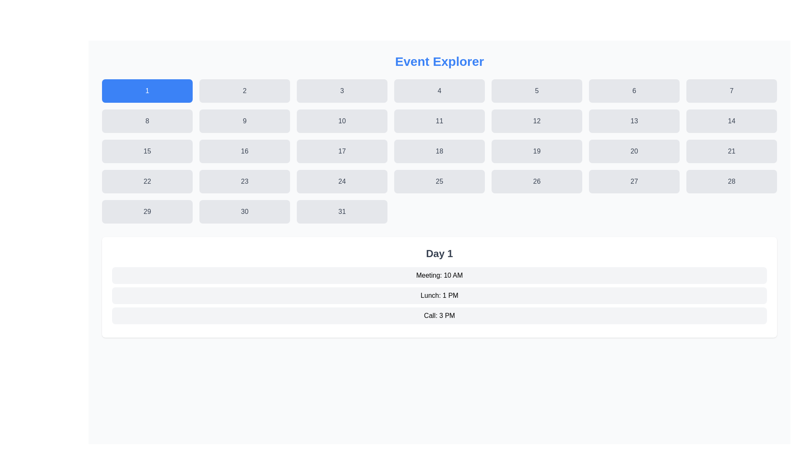 Image resolution: width=806 pixels, height=453 pixels. What do you see at coordinates (244, 91) in the screenshot?
I see `the button displaying the number '2' in a grid layout, which is adjacent to '1' on the left and '3' on the right, to show options` at bounding box center [244, 91].